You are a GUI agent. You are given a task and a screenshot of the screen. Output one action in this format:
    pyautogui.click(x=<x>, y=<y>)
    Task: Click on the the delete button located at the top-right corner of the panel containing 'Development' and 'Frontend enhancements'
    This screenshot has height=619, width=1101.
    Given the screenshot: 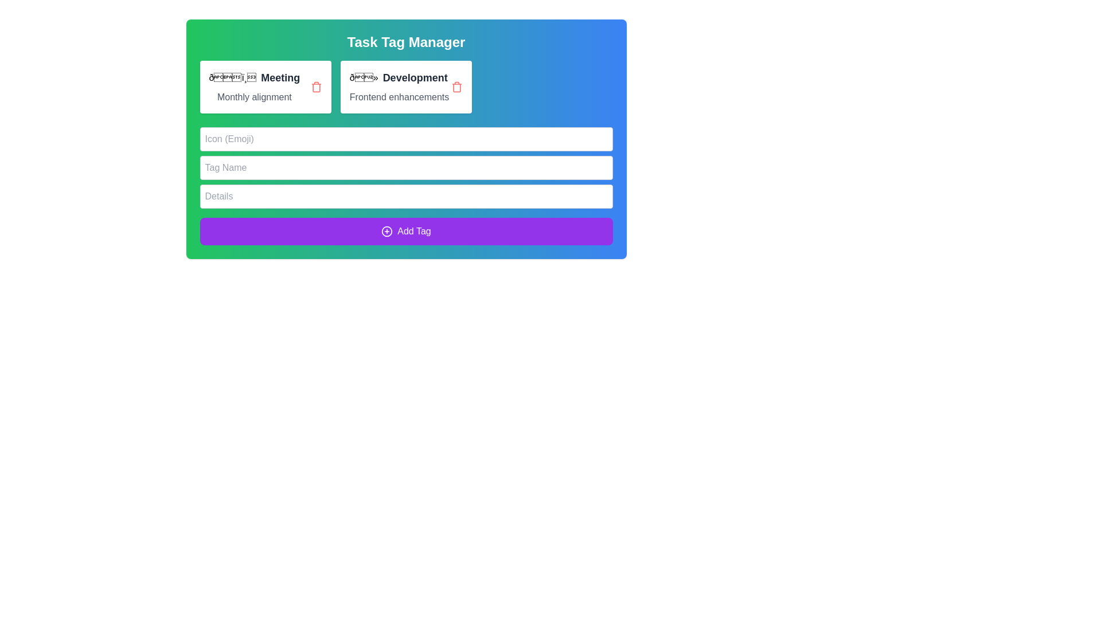 What is the action you would take?
    pyautogui.click(x=456, y=86)
    